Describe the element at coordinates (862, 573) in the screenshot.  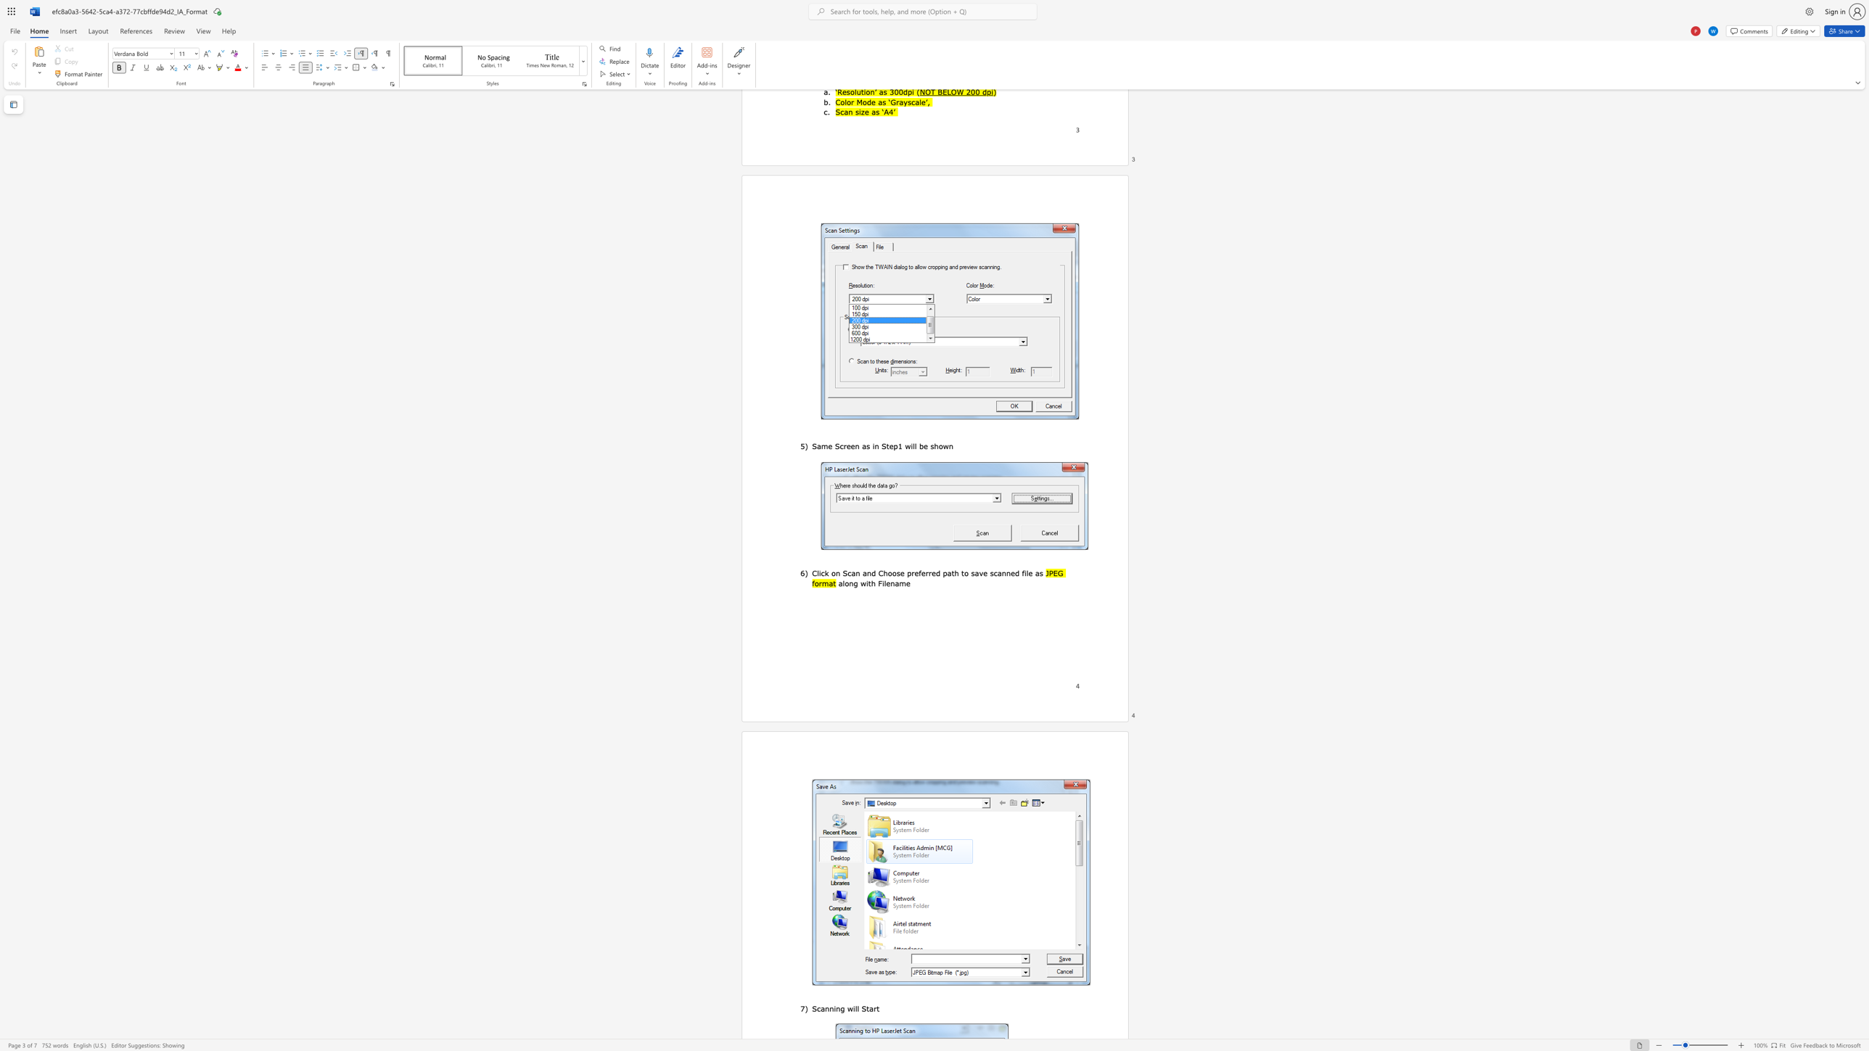
I see `the subset text "and Choo" within the text "Click on Scan and Choose preferred path to save scanned file as"` at that location.